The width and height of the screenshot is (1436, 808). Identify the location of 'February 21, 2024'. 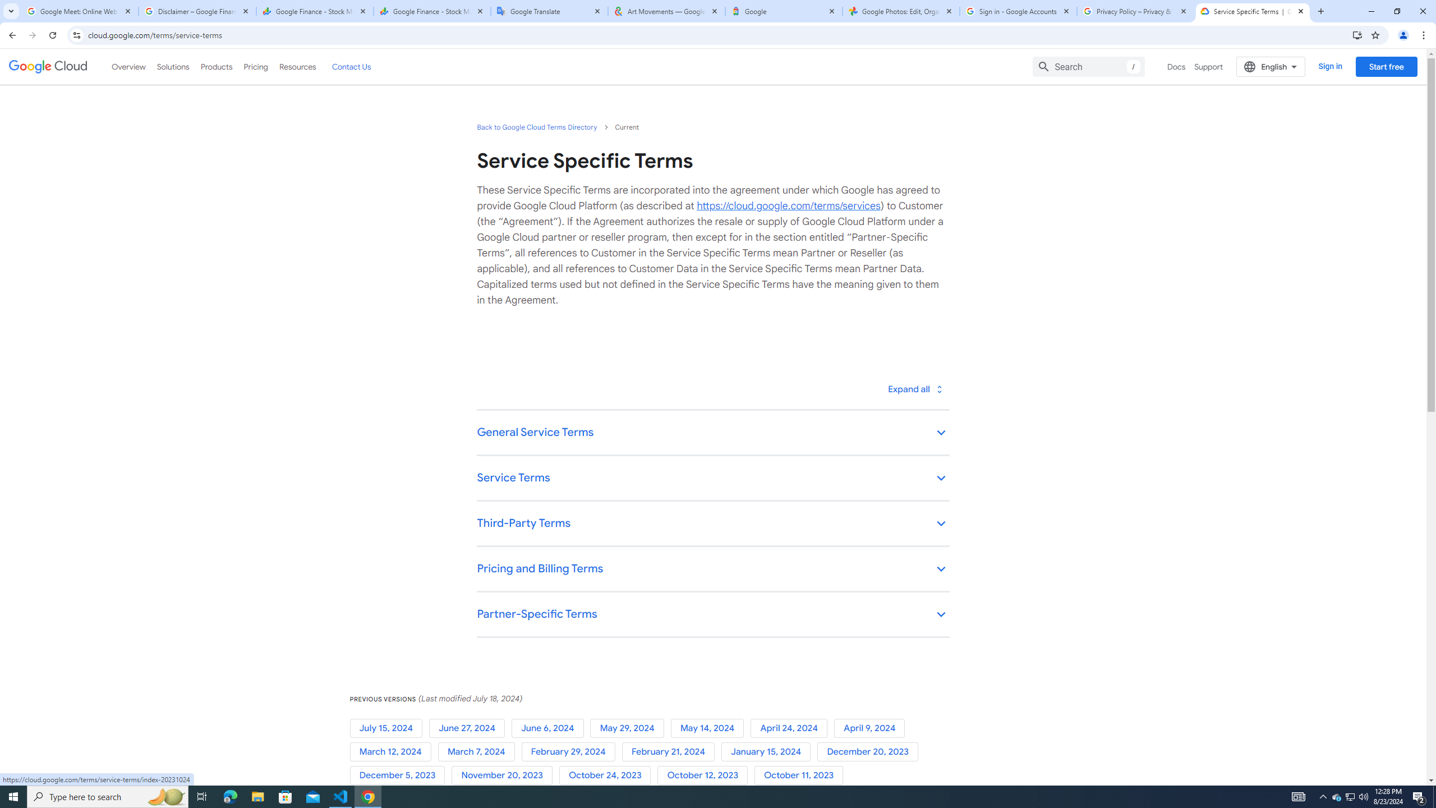
(670, 751).